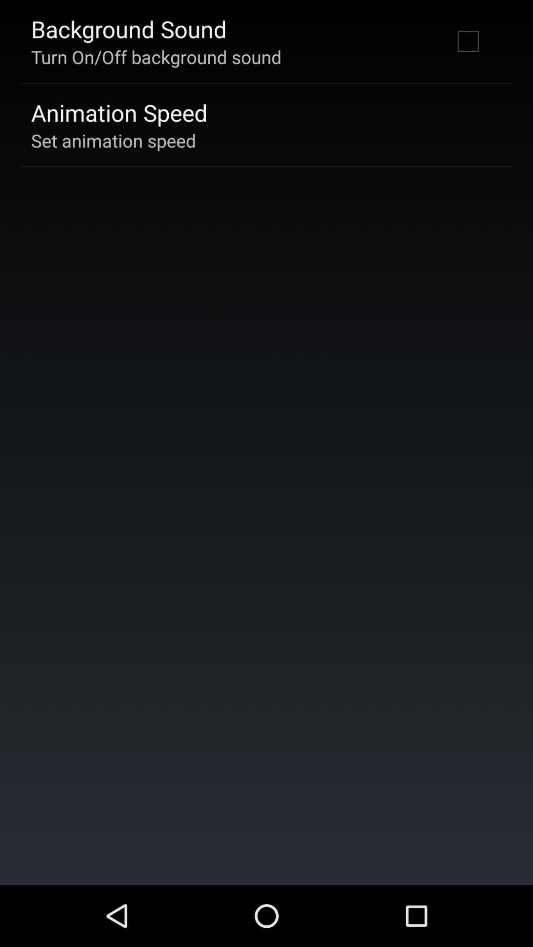 This screenshot has width=533, height=947. I want to click on the icon at the top right corner, so click(467, 40).